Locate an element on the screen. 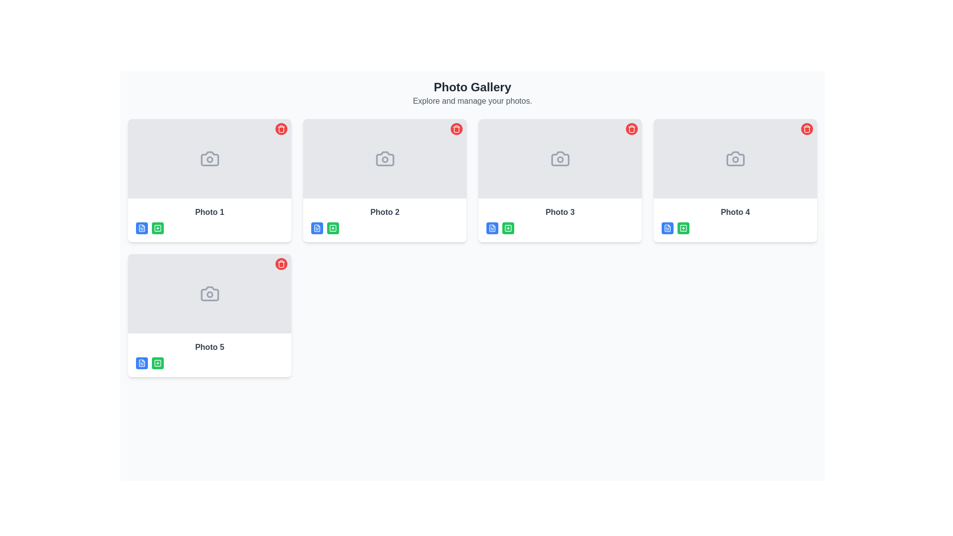  the green rounded square button with a white plus sign icon located below 'Photo 1' is located at coordinates (157, 228).